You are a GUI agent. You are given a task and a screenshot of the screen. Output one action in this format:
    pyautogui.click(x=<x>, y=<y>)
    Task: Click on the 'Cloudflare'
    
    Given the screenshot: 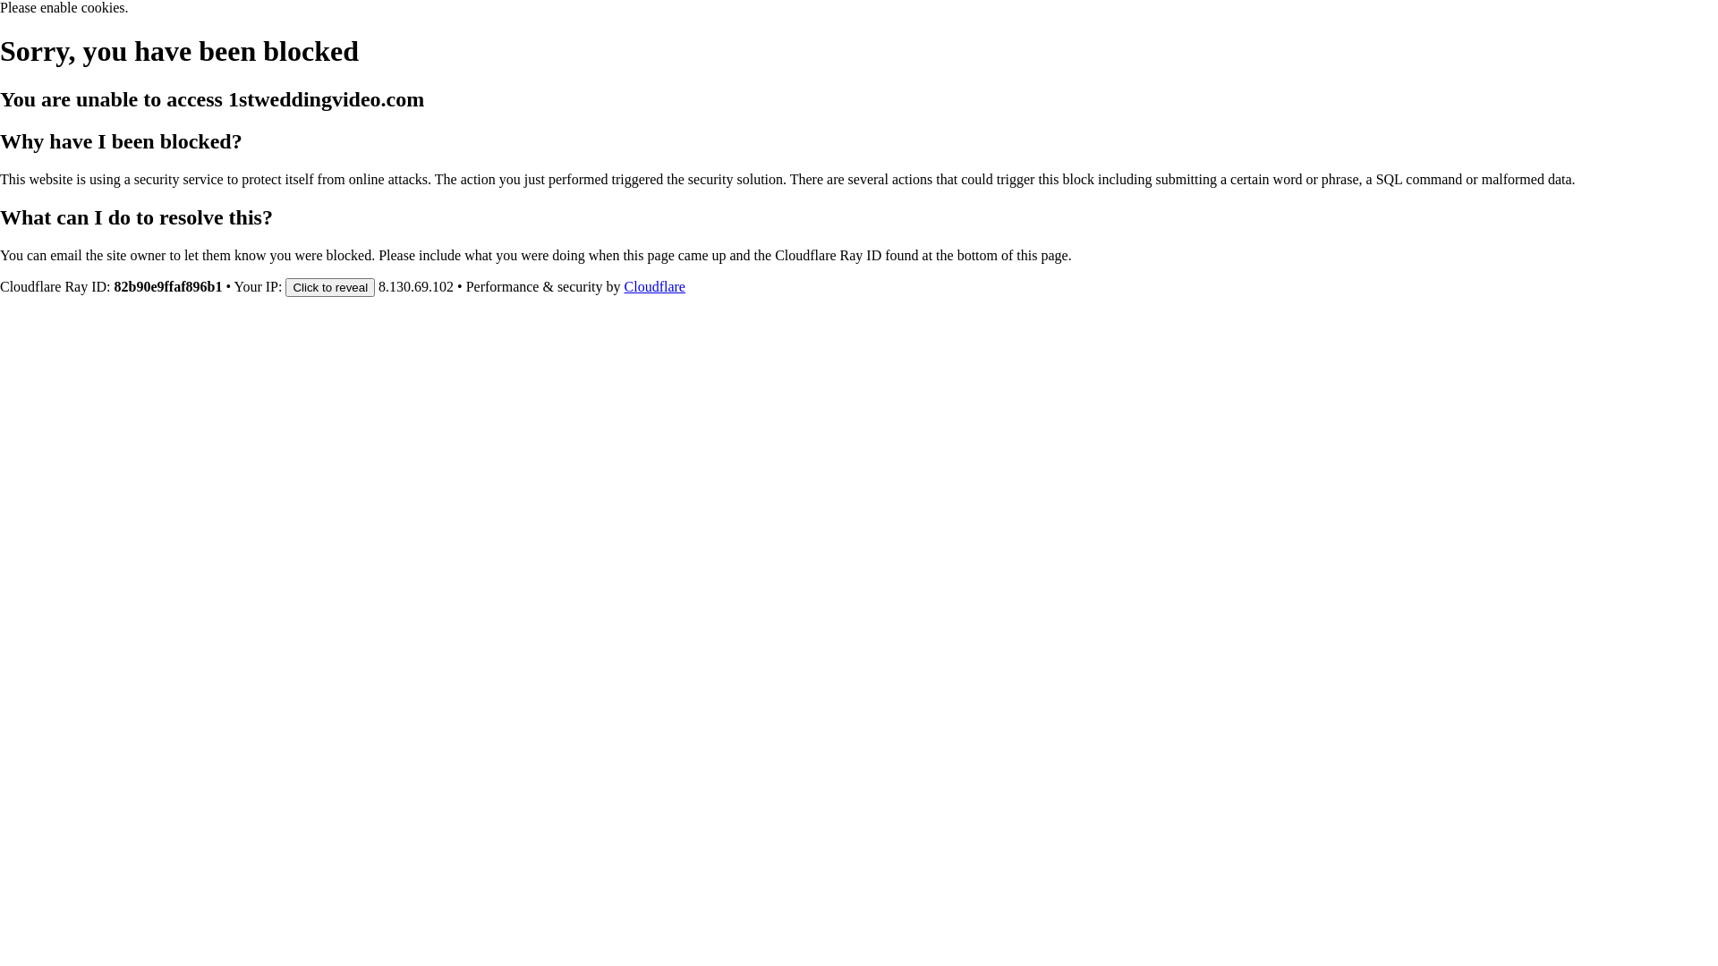 What is the action you would take?
    pyautogui.click(x=653, y=285)
    